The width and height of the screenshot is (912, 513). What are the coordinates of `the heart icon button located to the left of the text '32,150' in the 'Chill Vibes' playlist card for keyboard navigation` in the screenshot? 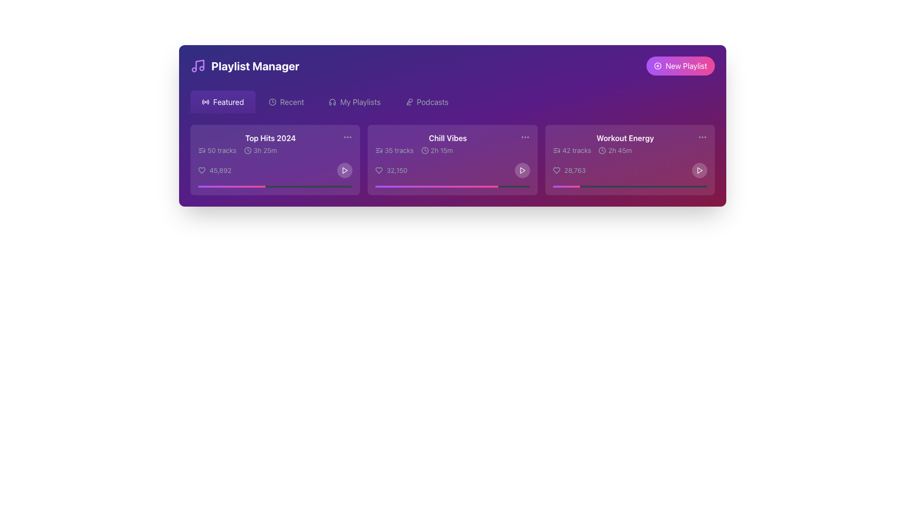 It's located at (379, 170).